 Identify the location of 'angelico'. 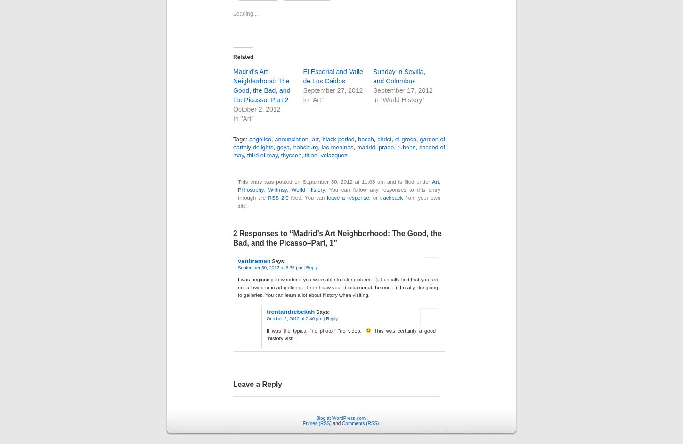
(260, 137).